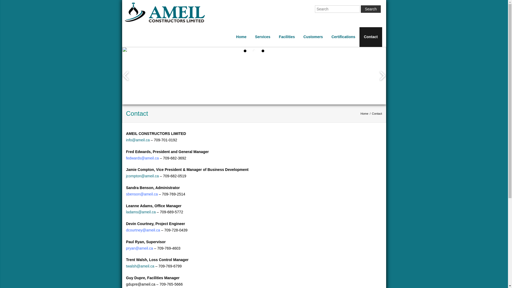  What do you see at coordinates (138, 139) in the screenshot?
I see `'info@ameil.ca'` at bounding box center [138, 139].